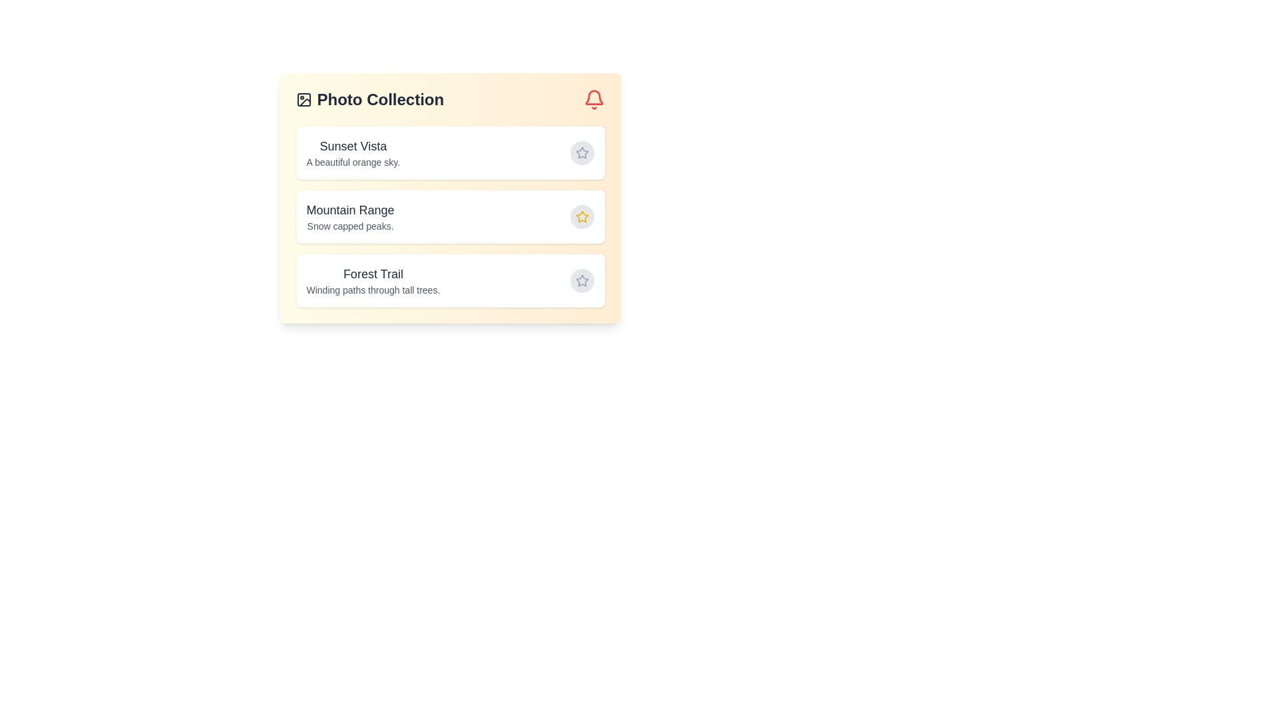  What do you see at coordinates (450, 152) in the screenshot?
I see `the item with title Sunset Vista` at bounding box center [450, 152].